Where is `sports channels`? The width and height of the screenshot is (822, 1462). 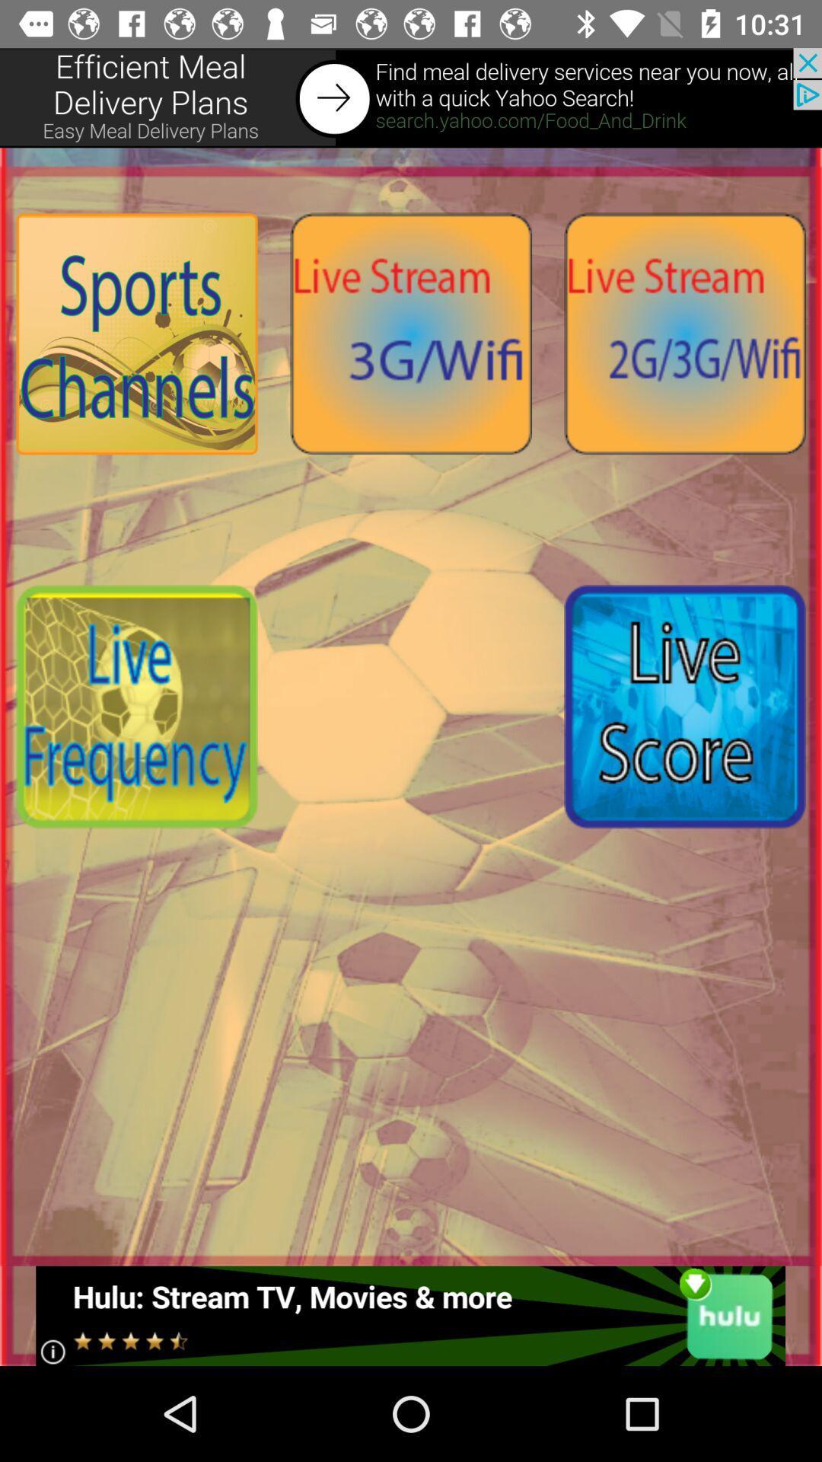 sports channels is located at coordinates (137, 333).